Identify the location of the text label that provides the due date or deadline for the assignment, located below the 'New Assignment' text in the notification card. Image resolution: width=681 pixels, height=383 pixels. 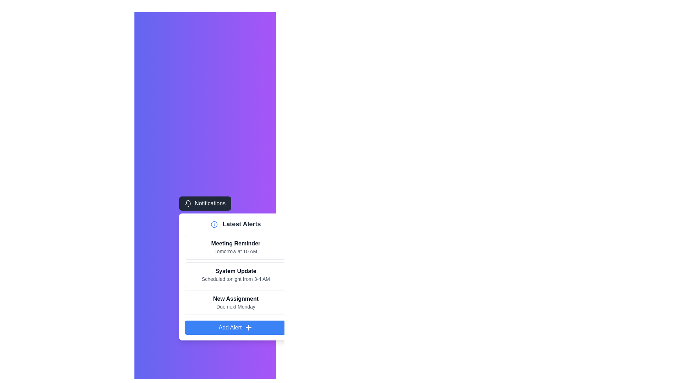
(236, 306).